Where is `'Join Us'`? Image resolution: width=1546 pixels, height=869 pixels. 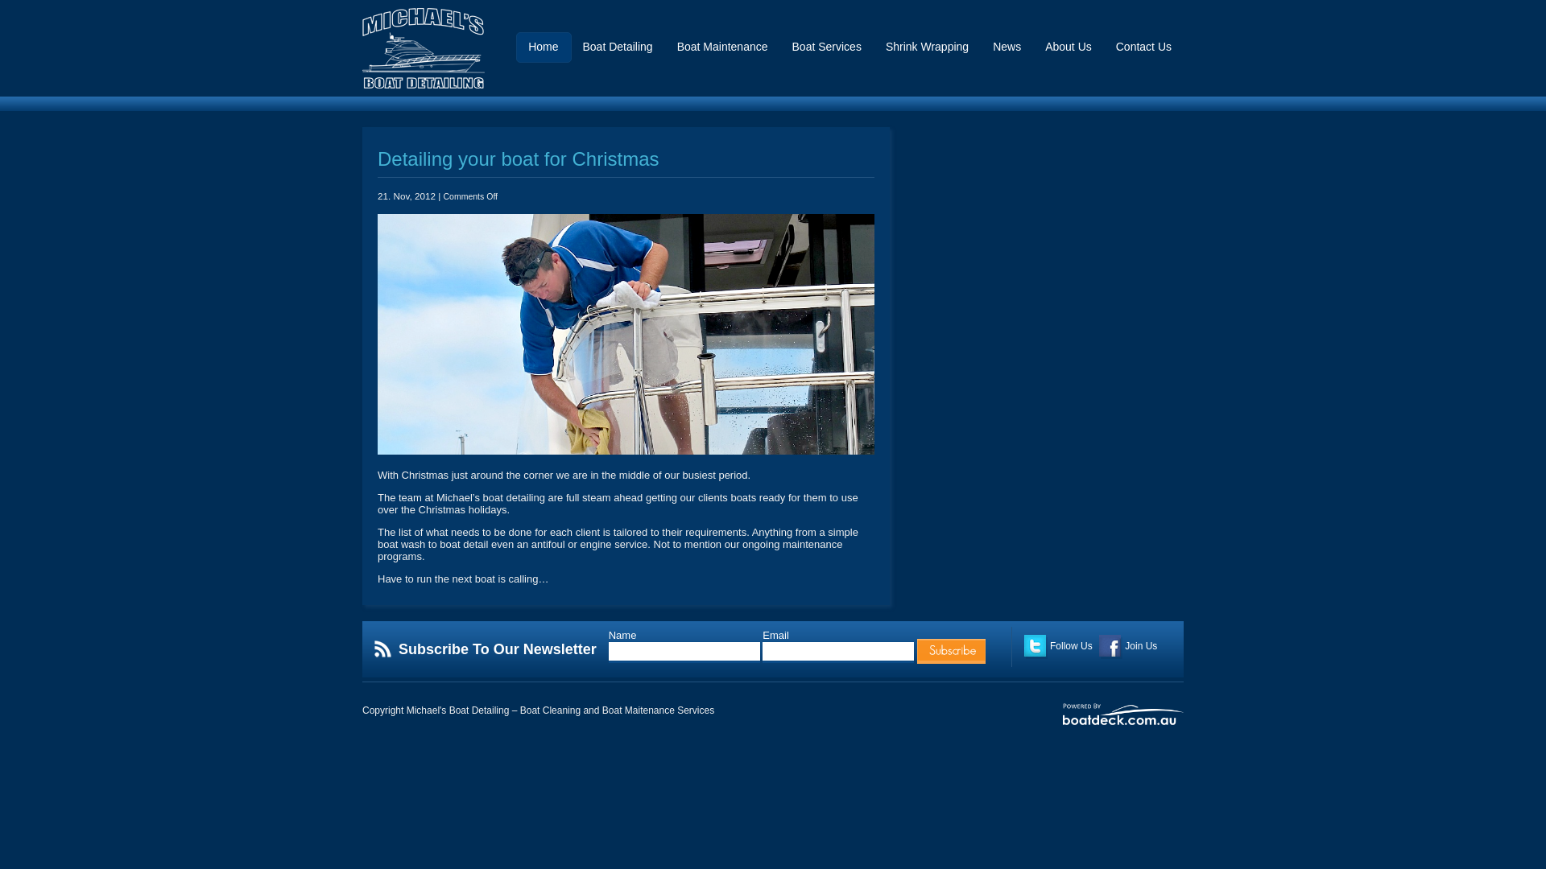 'Join Us' is located at coordinates (1097, 645).